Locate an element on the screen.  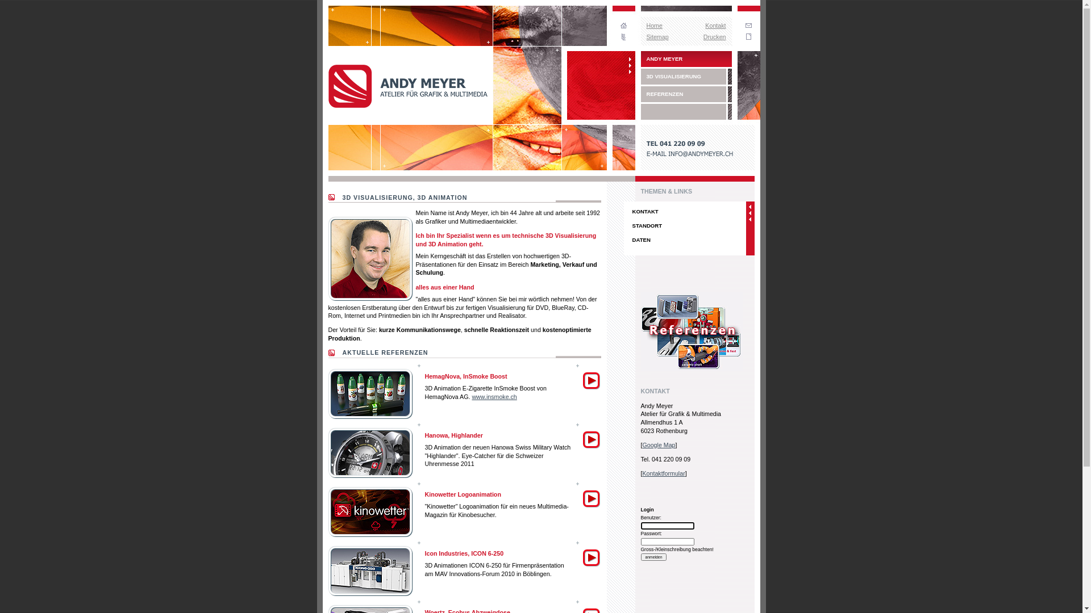
'Kontaktformular' is located at coordinates (663, 473).